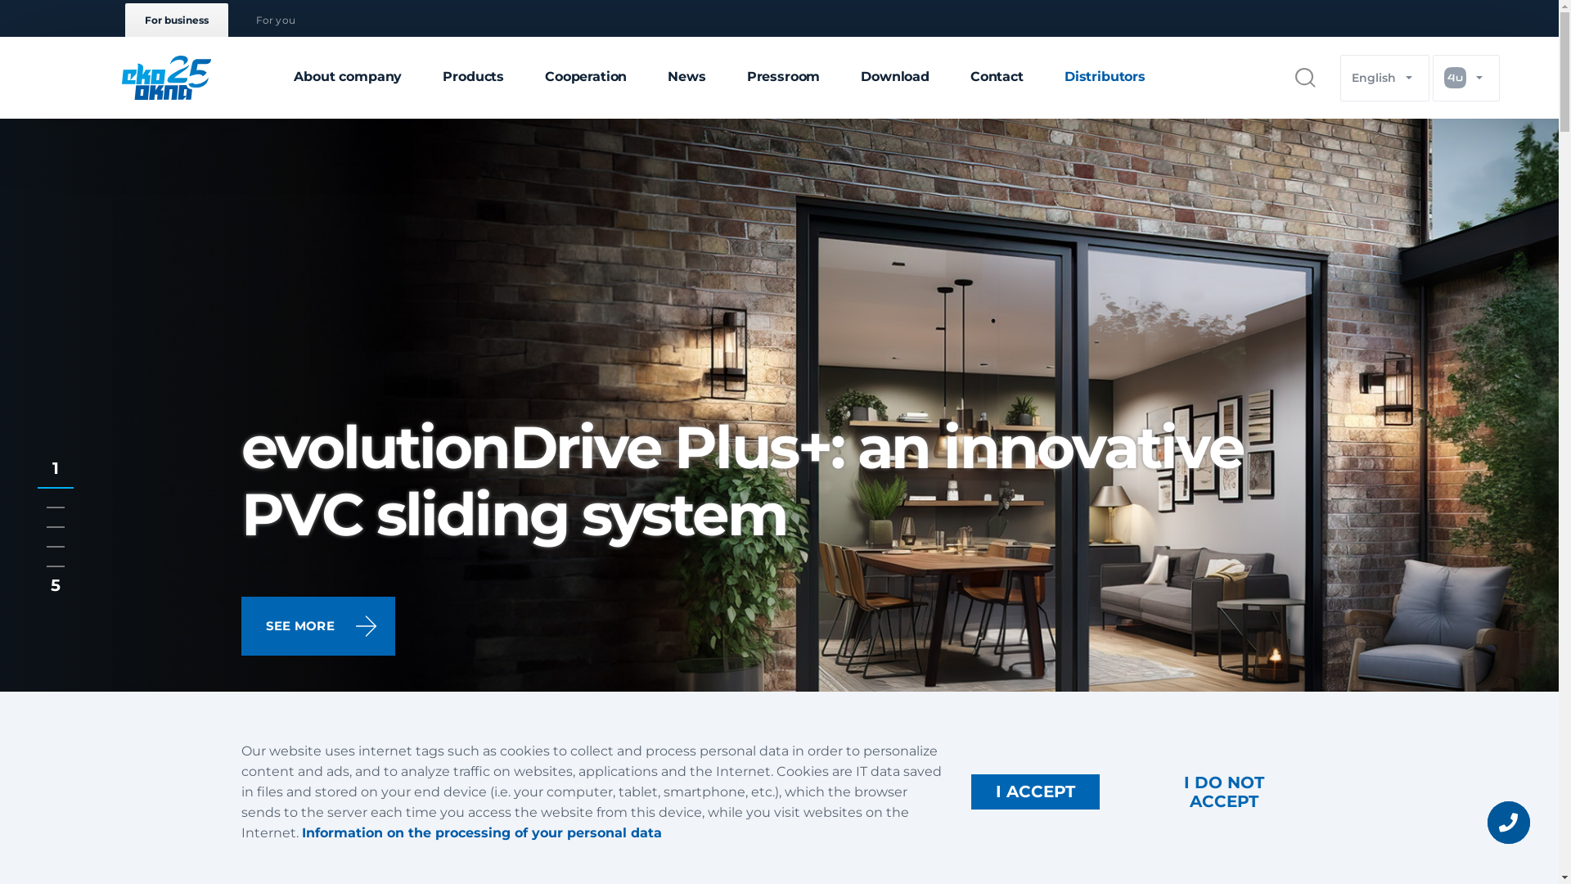  I want to click on 'Cooperation', so click(585, 78).